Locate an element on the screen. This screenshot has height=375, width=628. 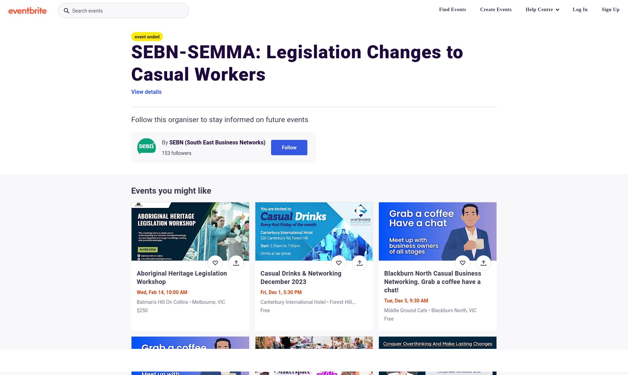
'Follow' is located at coordinates (282, 147).